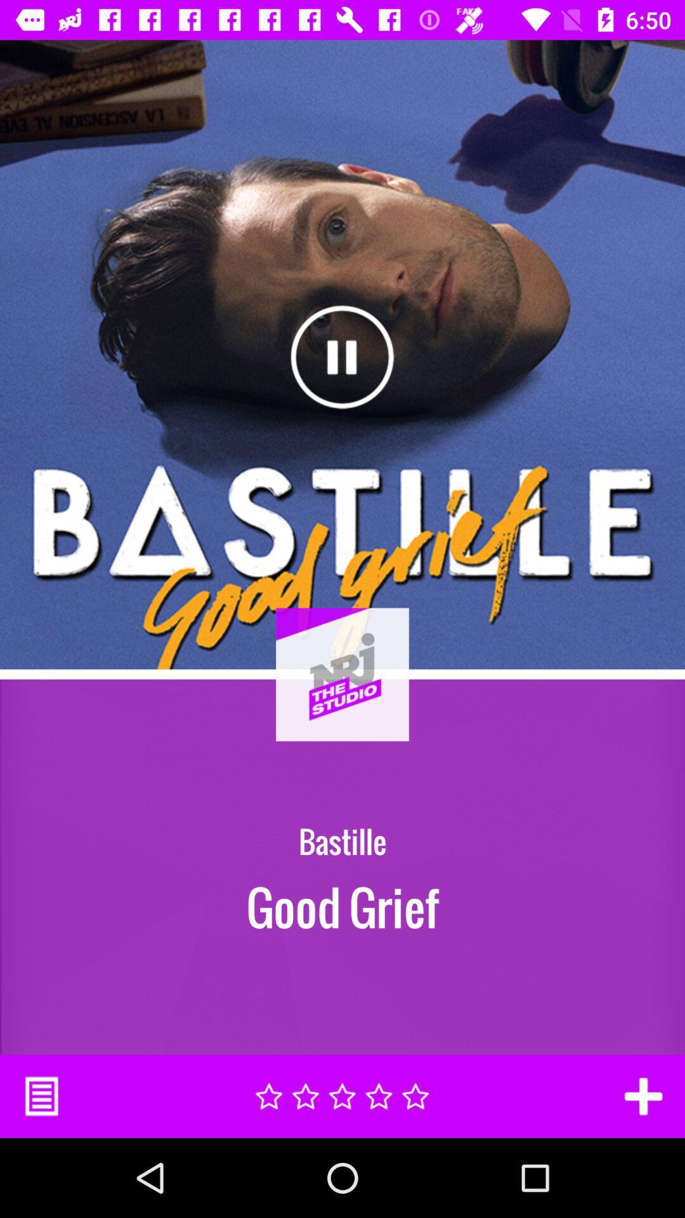 This screenshot has width=685, height=1218. I want to click on the item at the bottom left corner, so click(41, 1096).